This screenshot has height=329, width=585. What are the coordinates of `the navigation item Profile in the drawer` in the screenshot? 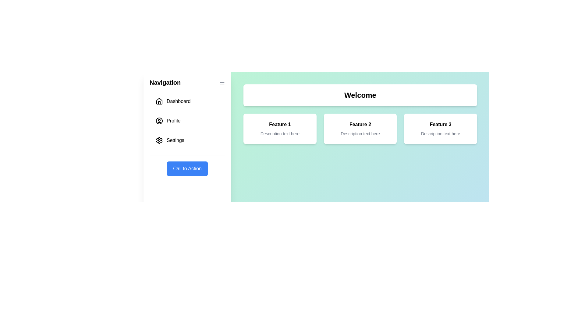 It's located at (187, 121).